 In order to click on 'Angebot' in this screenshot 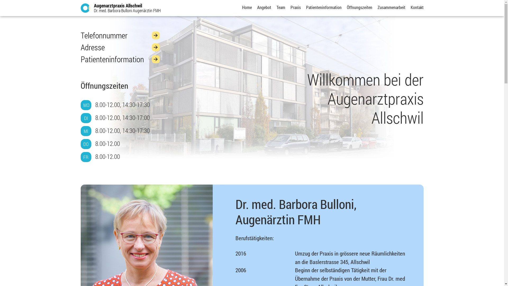, I will do `click(264, 7)`.